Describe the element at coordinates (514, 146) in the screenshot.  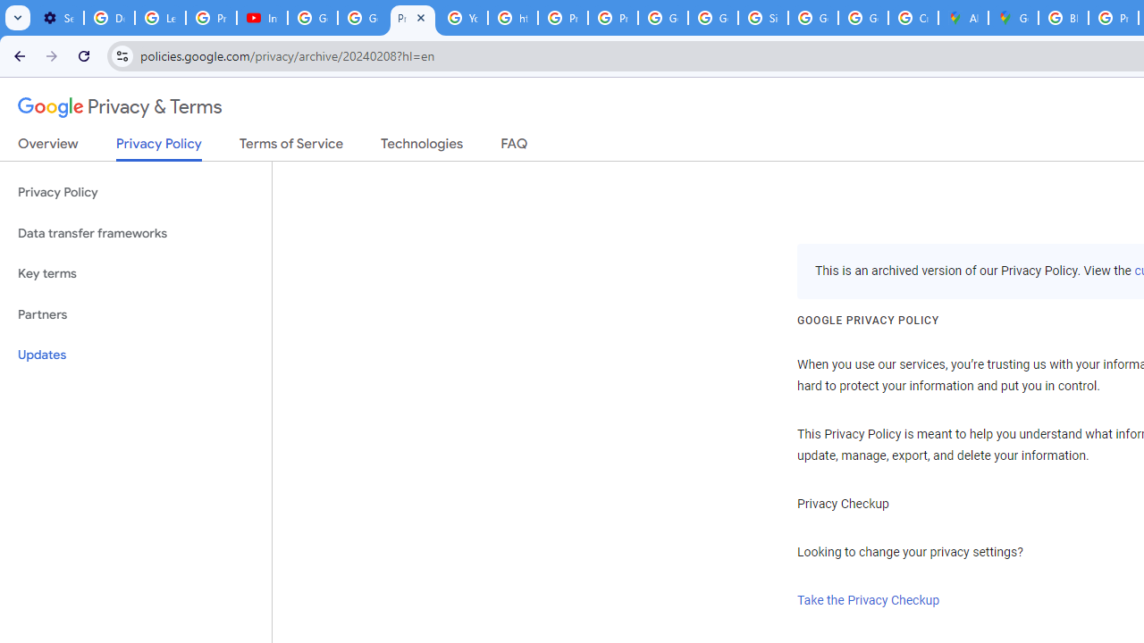
I see `'FAQ'` at that location.